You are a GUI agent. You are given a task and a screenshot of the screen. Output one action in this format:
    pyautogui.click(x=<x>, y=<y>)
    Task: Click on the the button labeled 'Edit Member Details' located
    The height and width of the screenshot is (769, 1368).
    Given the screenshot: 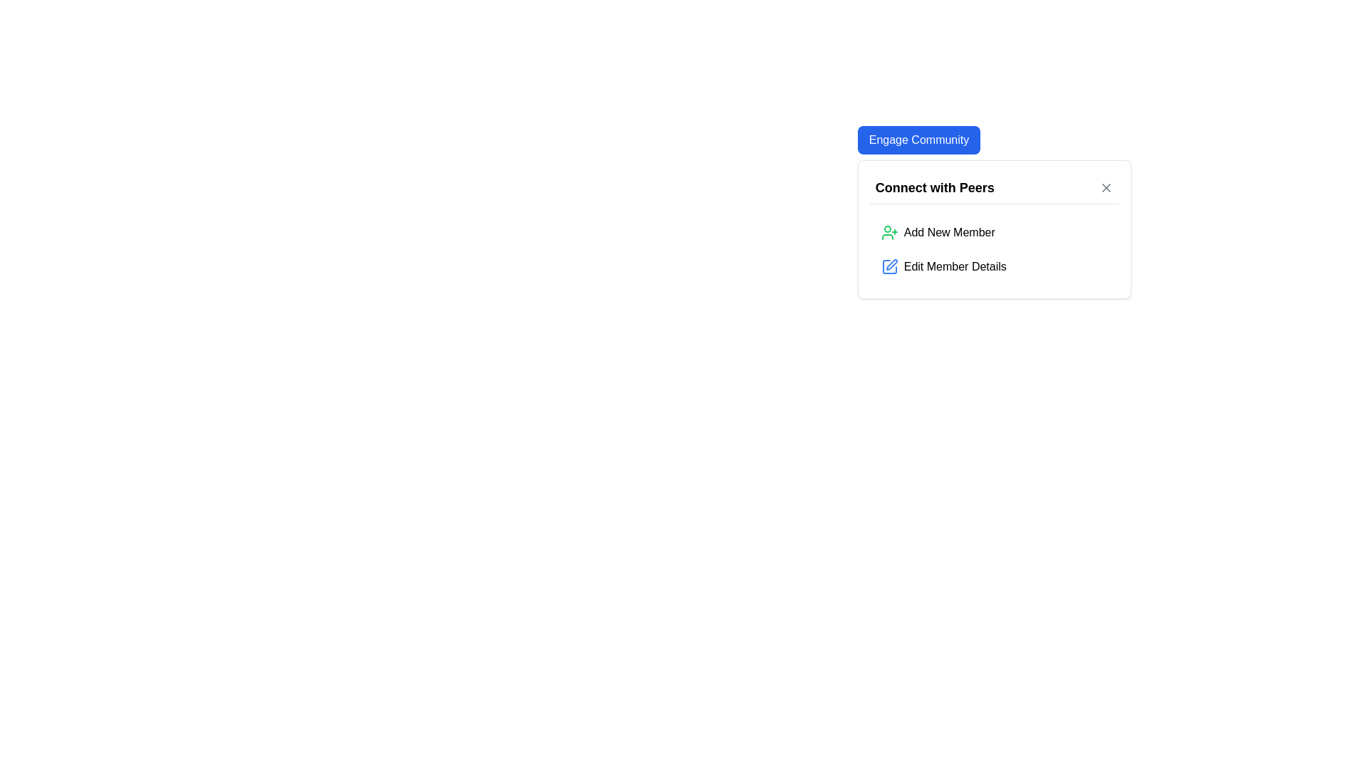 What is the action you would take?
    pyautogui.click(x=993, y=266)
    